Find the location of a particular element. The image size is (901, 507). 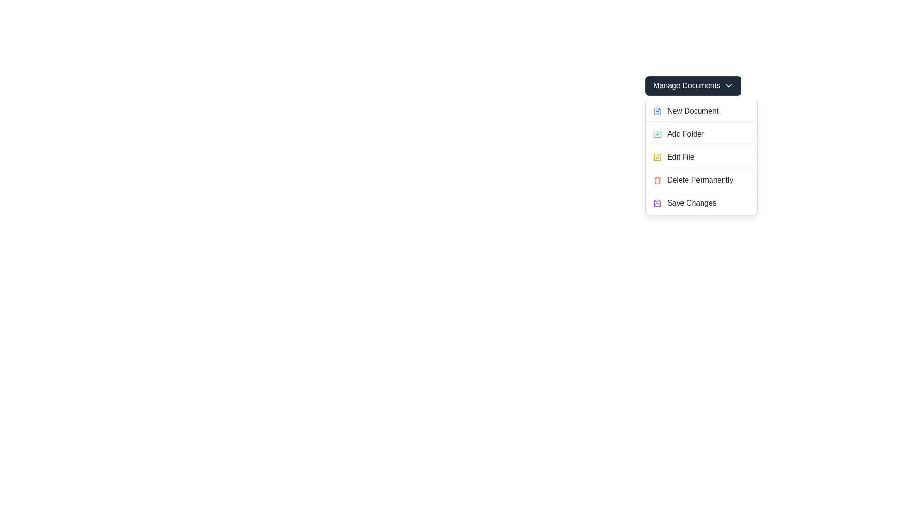

the 'Edit File' option in the popup menu is located at coordinates (701, 157).